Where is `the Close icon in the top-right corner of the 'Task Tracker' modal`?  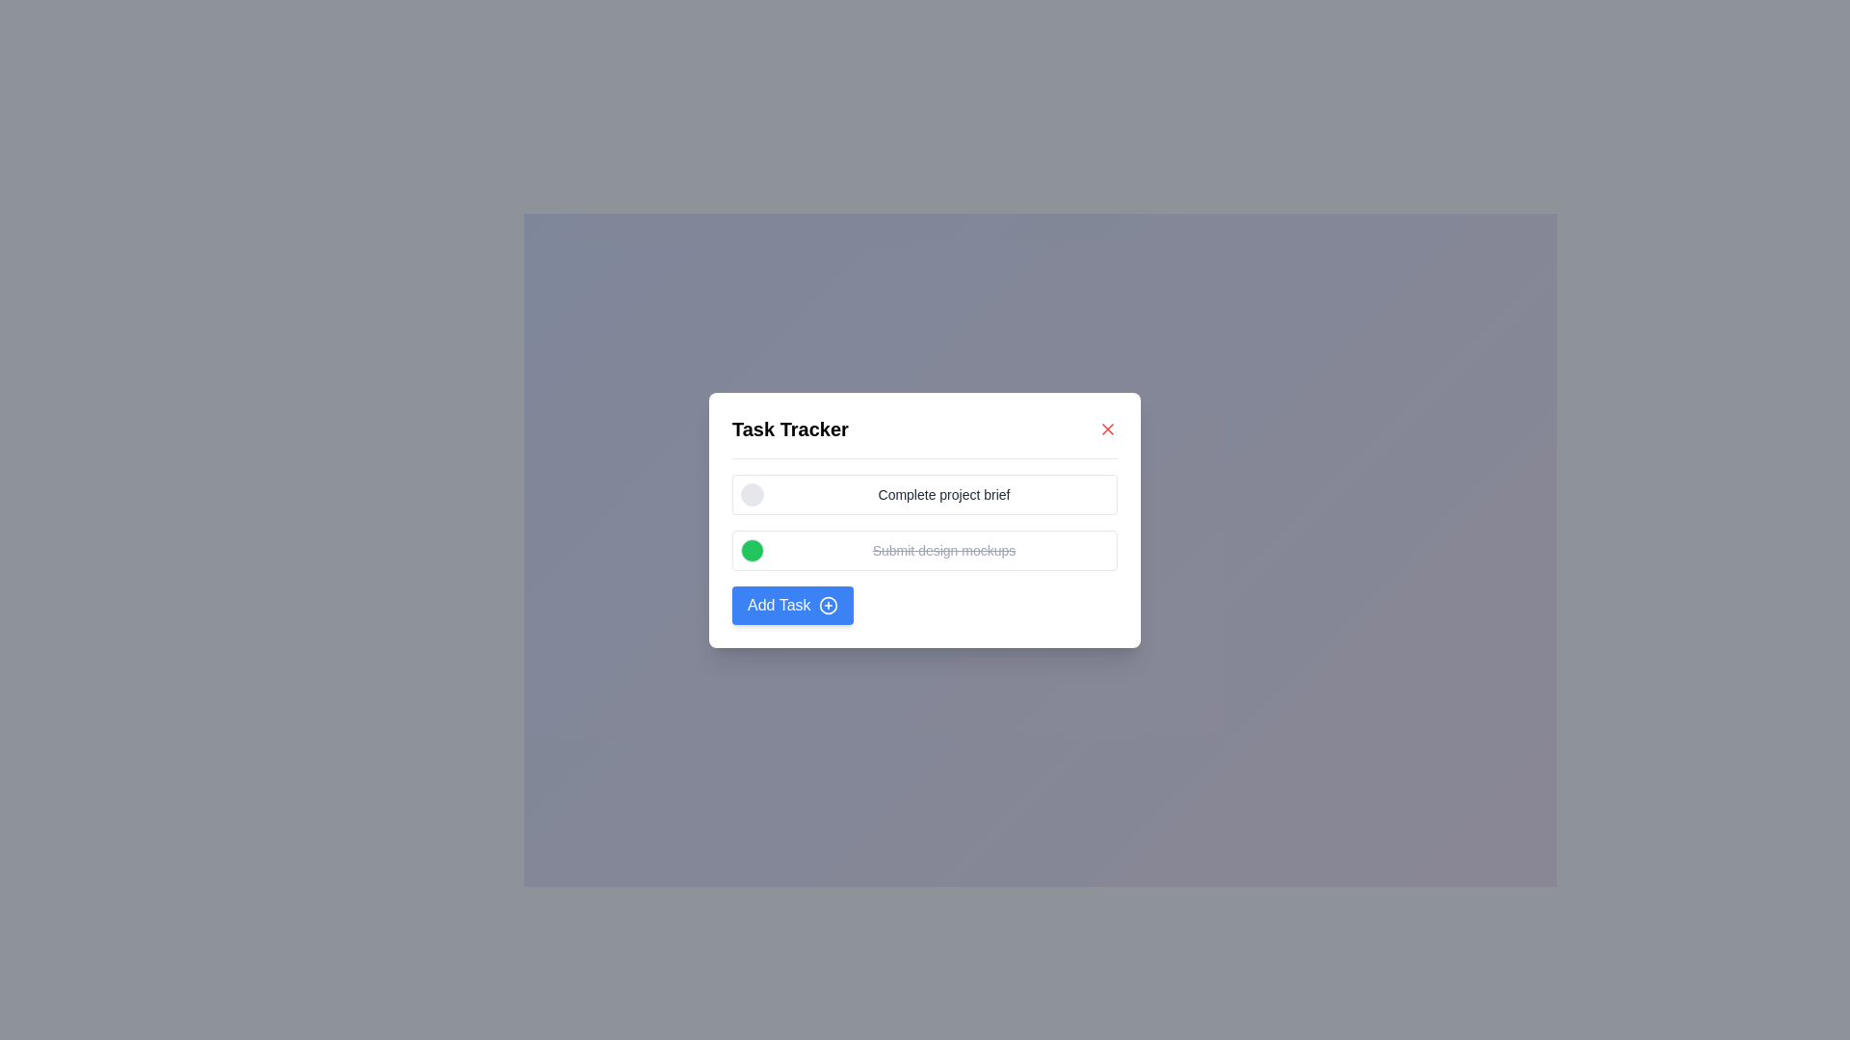 the Close icon in the top-right corner of the 'Task Tracker' modal is located at coordinates (1108, 427).